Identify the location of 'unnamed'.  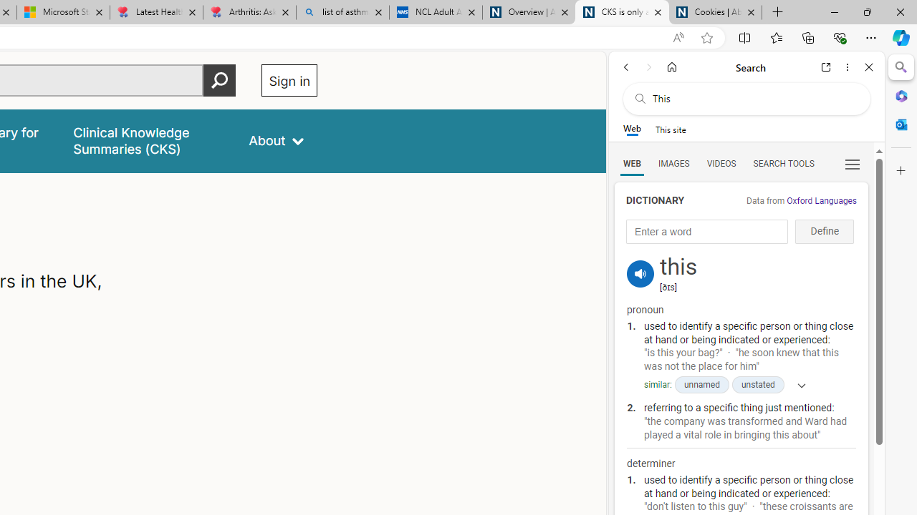
(701, 384).